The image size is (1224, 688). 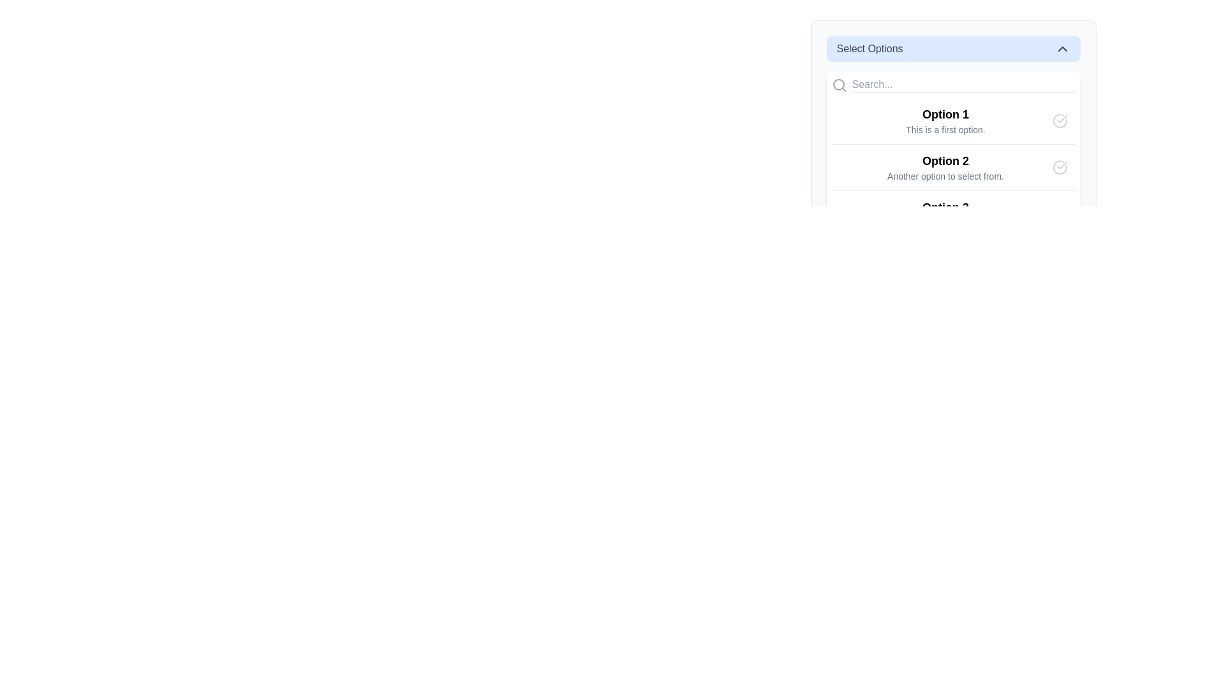 I want to click on the first selectable list item in the vertical list, so click(x=953, y=120).